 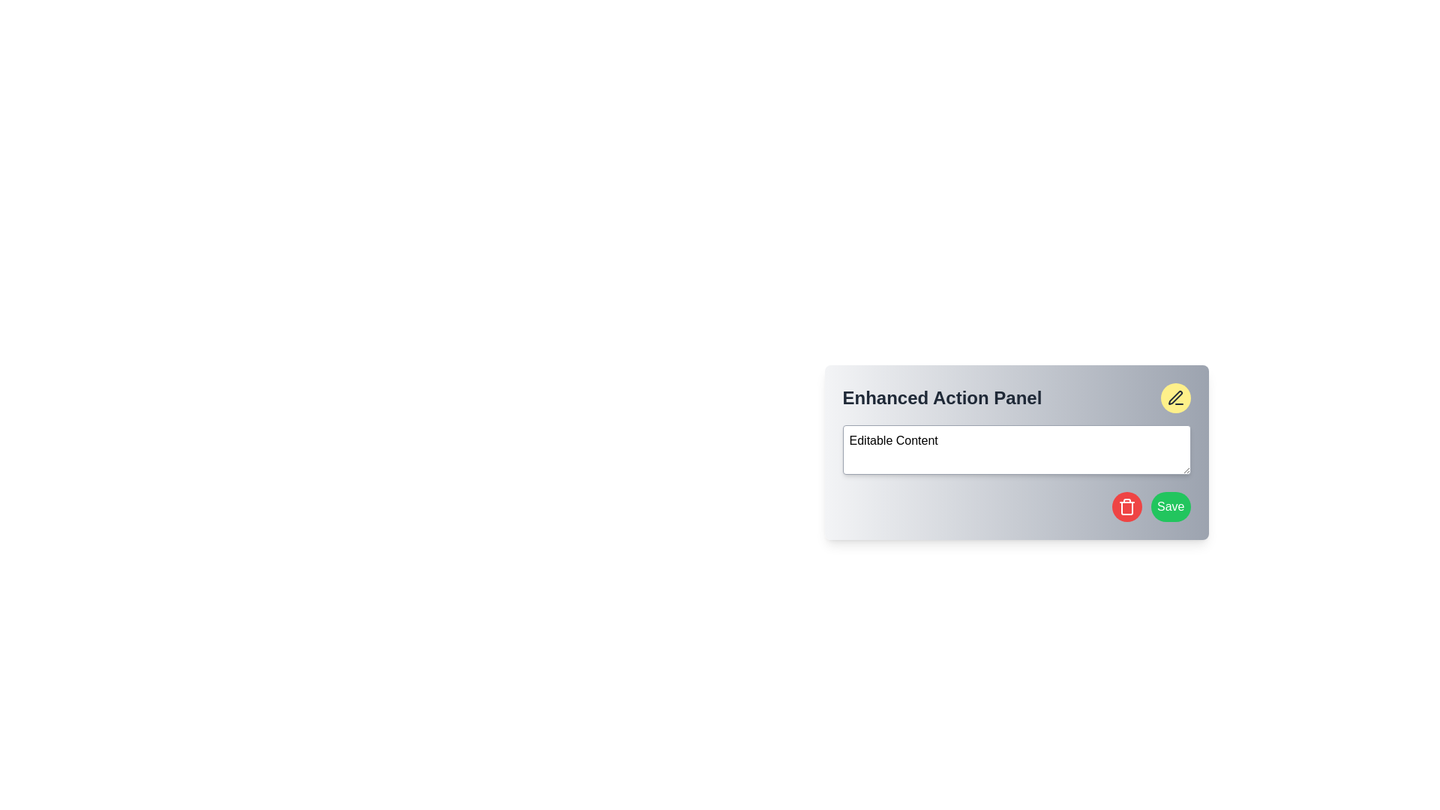 I want to click on the editable text input area of the interactive panel to edit content, so click(x=1016, y=451).